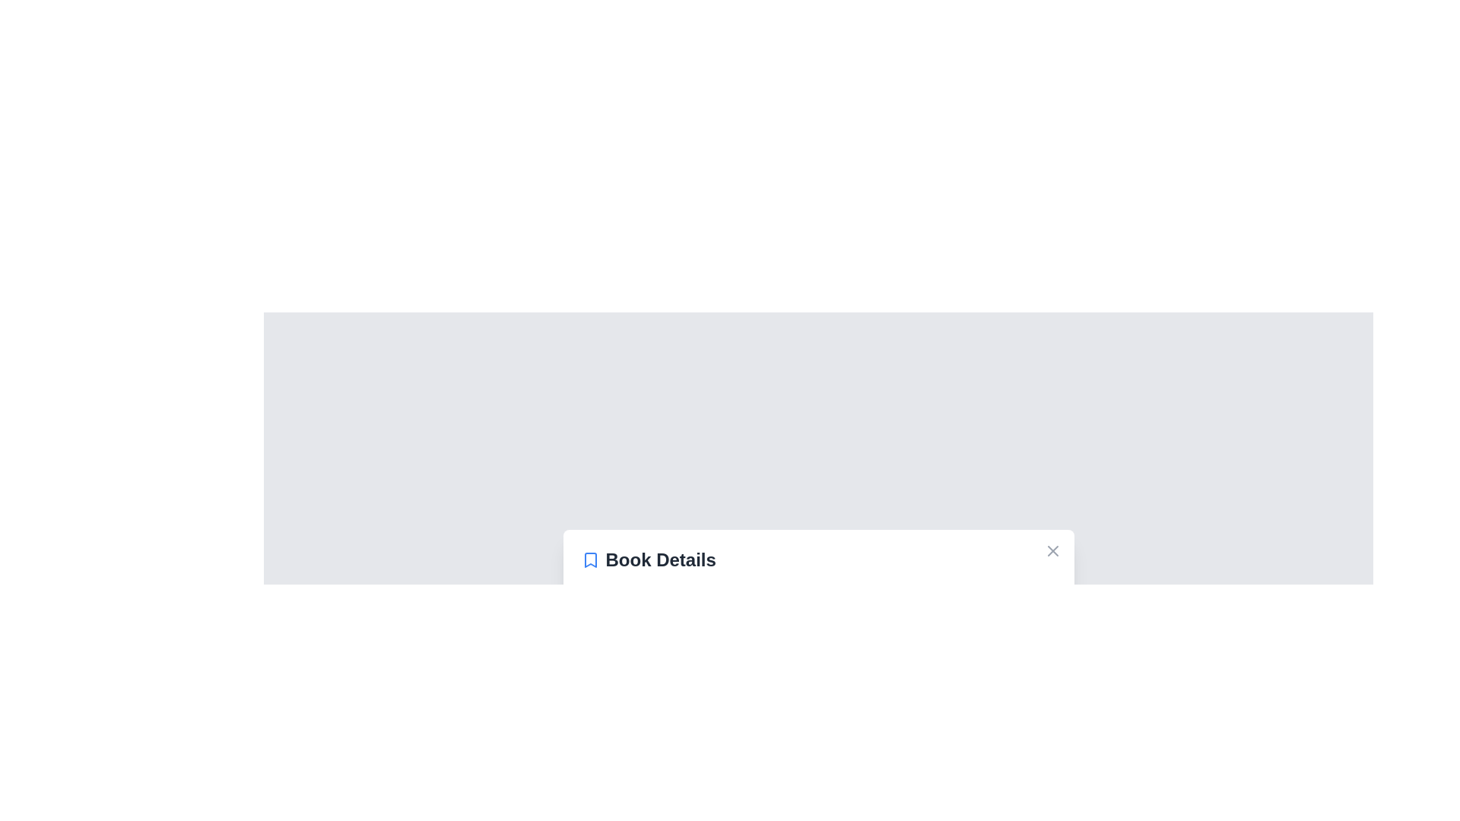 The height and width of the screenshot is (821, 1460). What do you see at coordinates (1052, 550) in the screenshot?
I see `the close button located at the top-right corner of the dialog` at bounding box center [1052, 550].